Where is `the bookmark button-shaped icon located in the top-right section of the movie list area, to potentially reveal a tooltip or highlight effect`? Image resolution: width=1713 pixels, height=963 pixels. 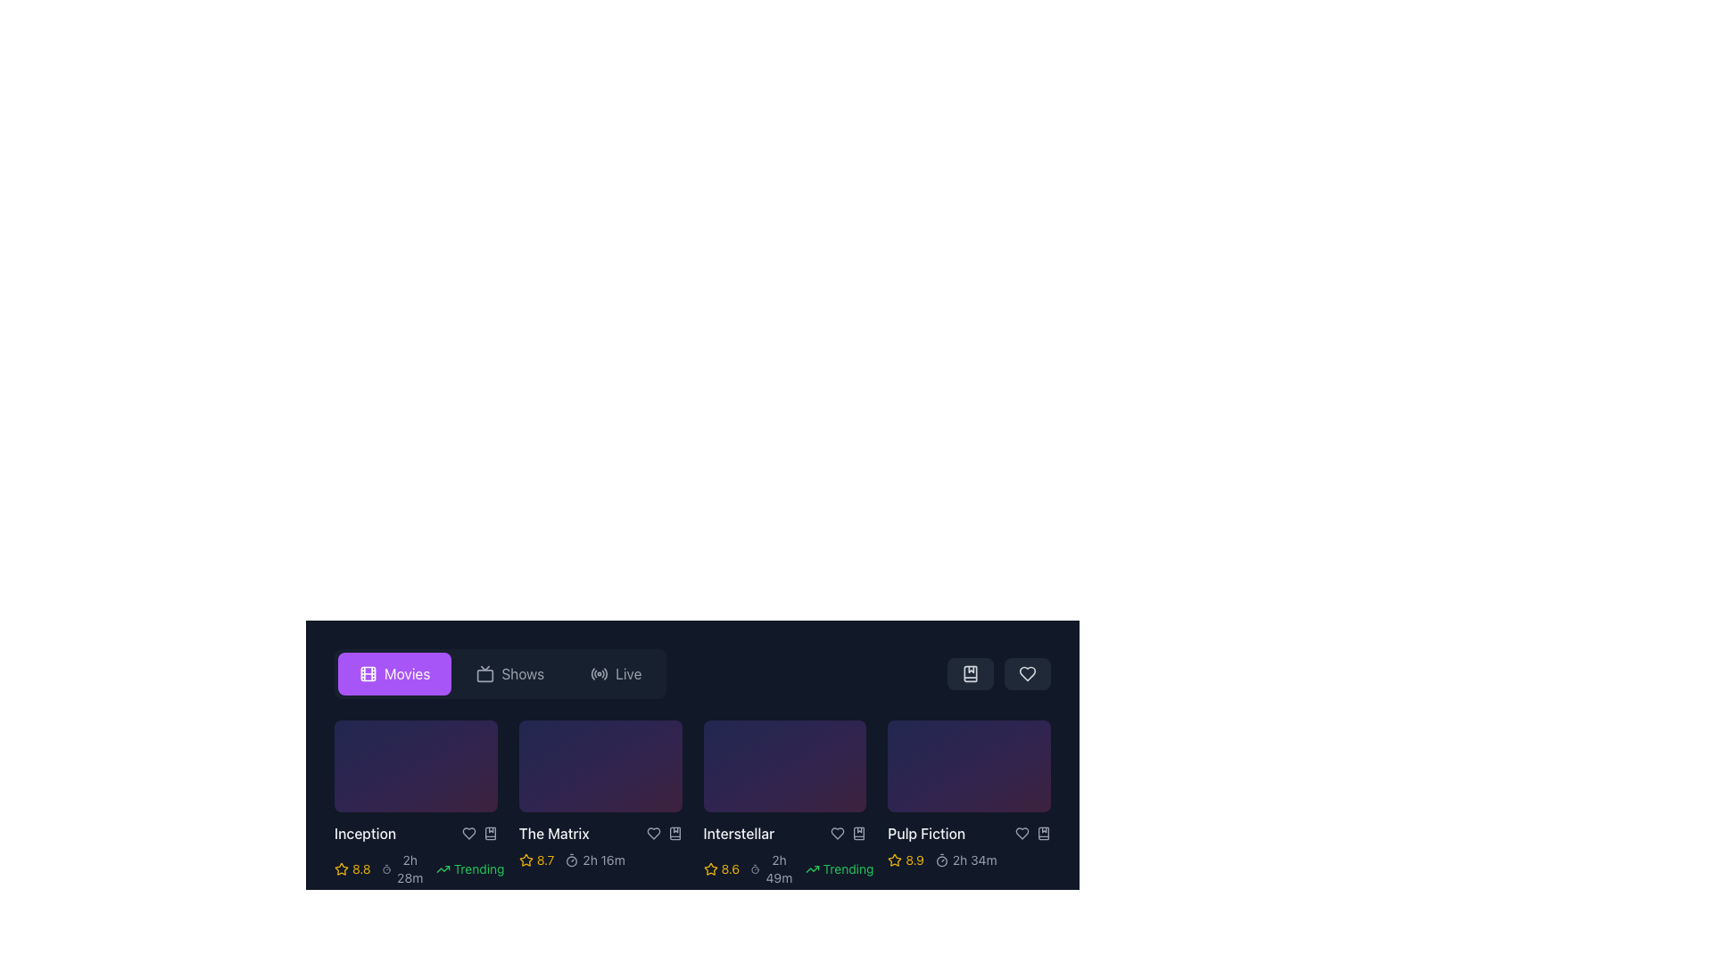
the bookmark button-shaped icon located in the top-right section of the movie list area, to potentially reveal a tooltip or highlight effect is located at coordinates (970, 674).